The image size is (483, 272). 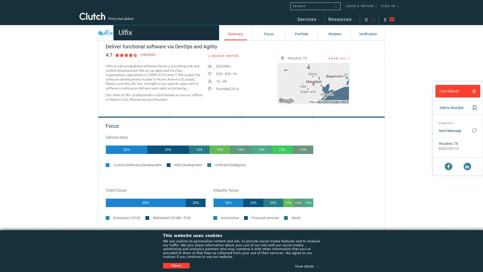 What do you see at coordinates (342, 19) in the screenshot?
I see `Resources` at bounding box center [342, 19].